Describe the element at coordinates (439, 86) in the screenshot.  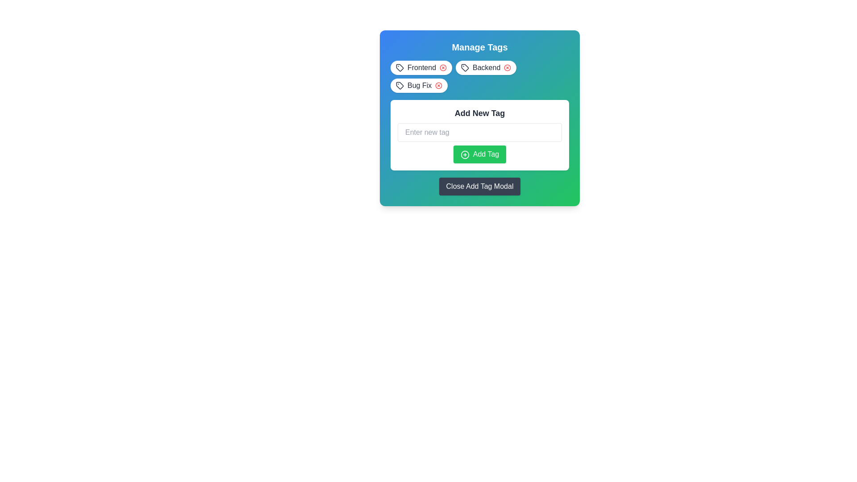
I see `the red circular cross icon button, which represents a 'close' or 'remove' action` at that location.